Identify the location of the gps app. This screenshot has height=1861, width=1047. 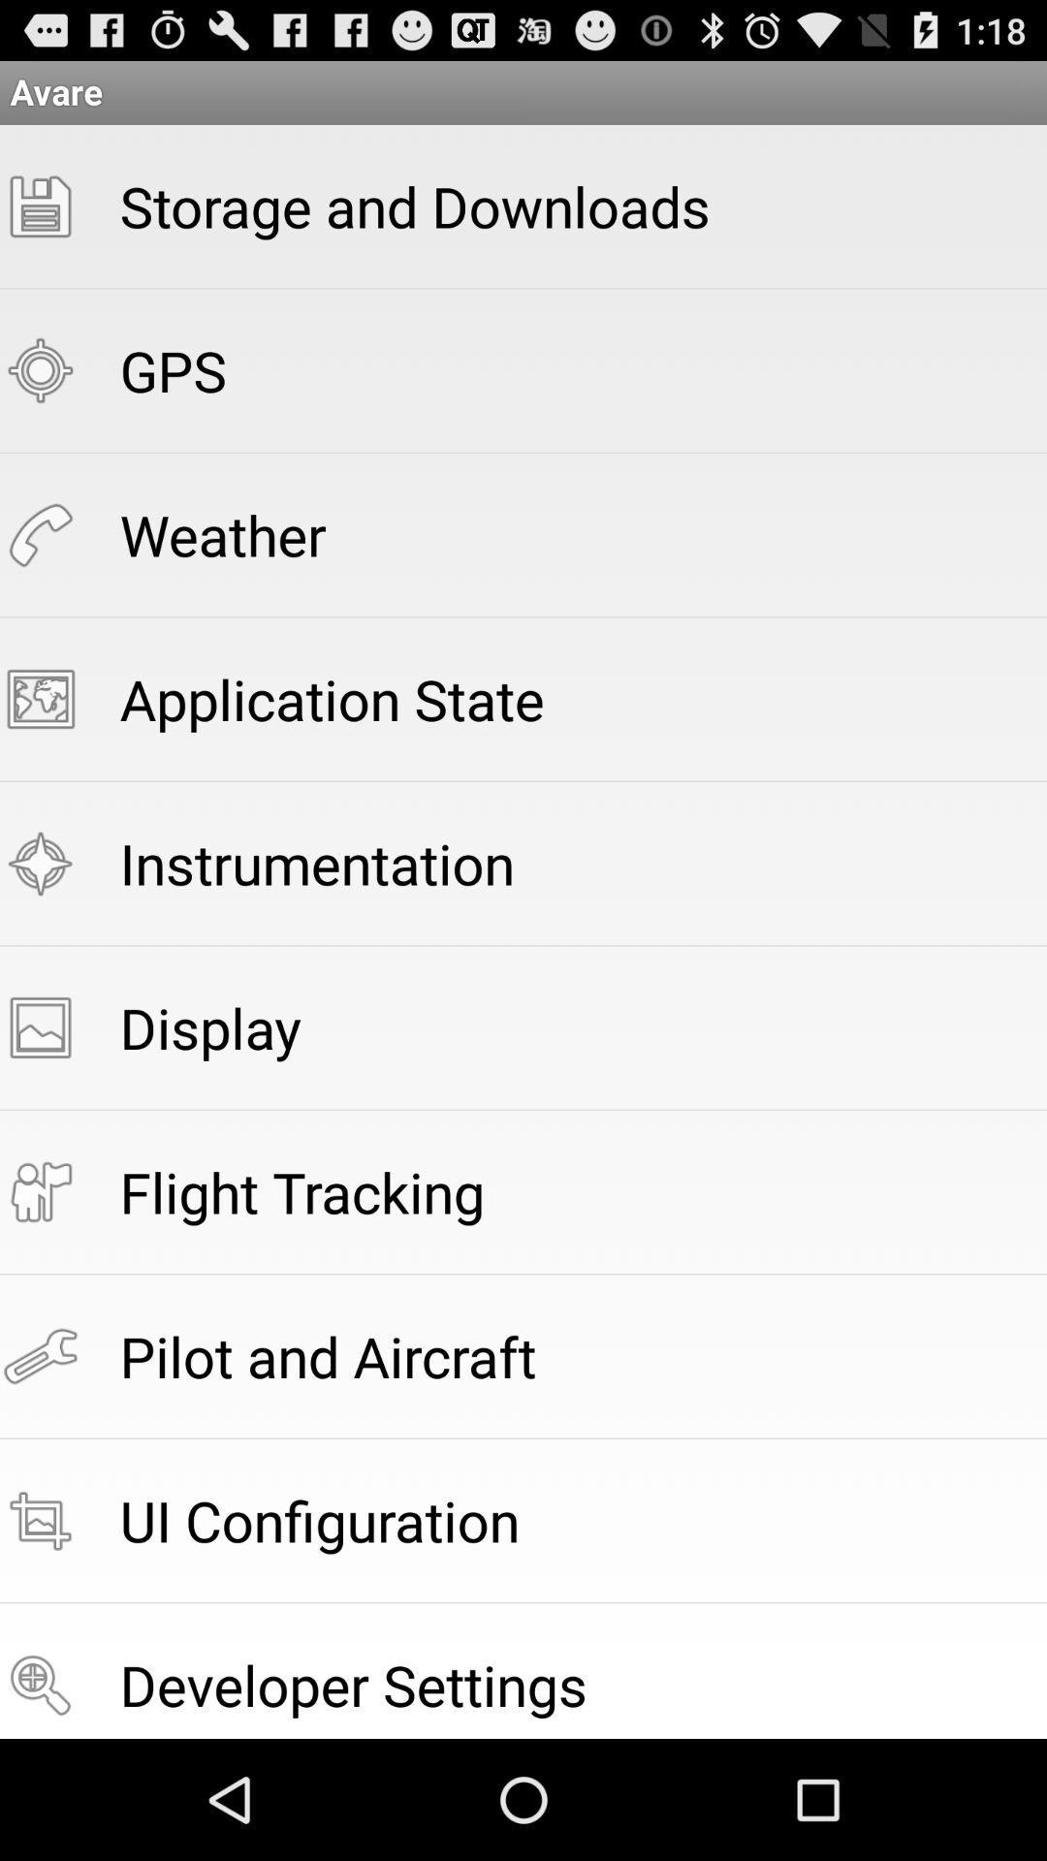
(172, 370).